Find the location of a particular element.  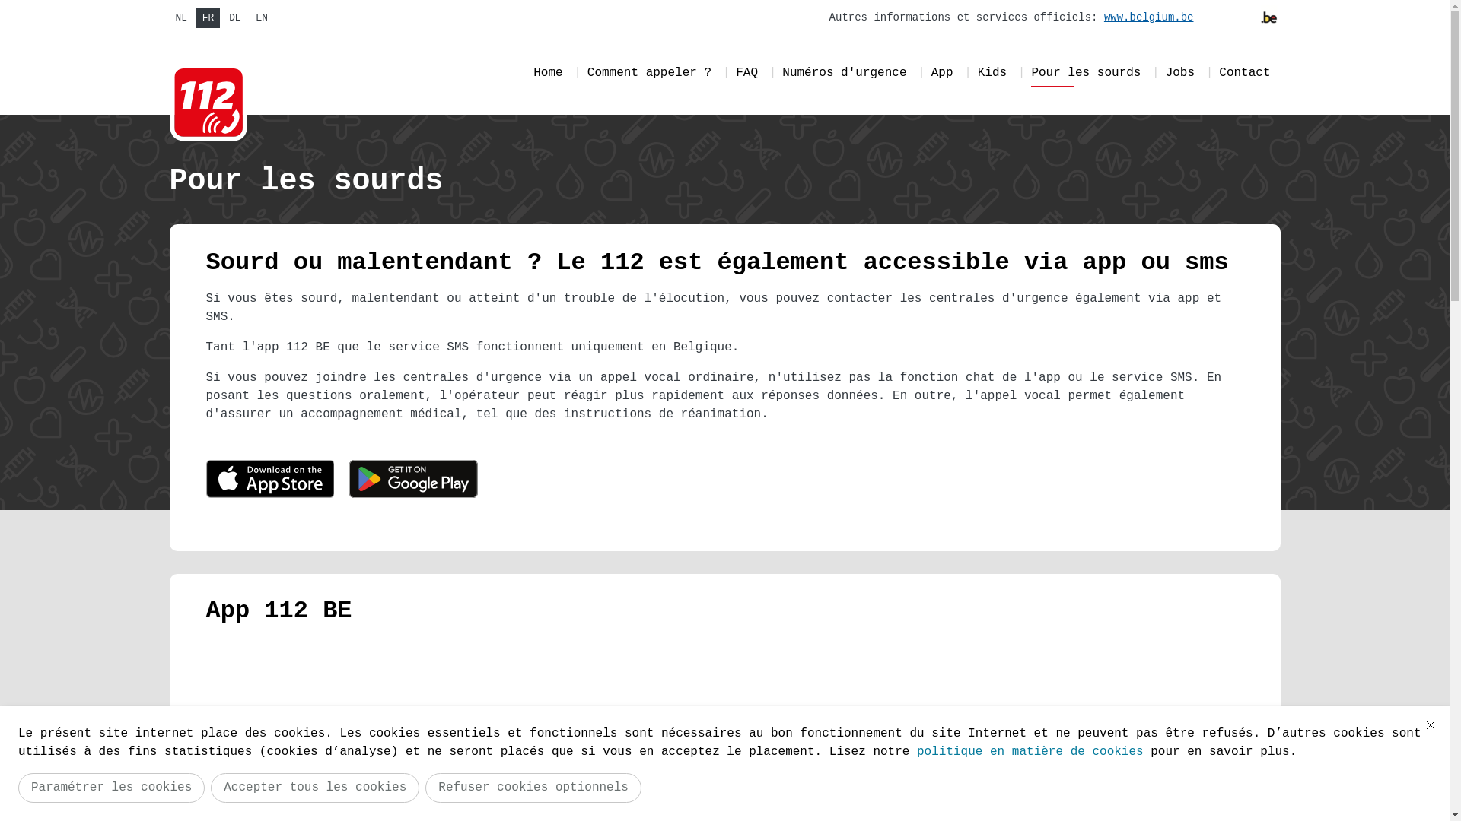

'Jobs' is located at coordinates (1179, 75).